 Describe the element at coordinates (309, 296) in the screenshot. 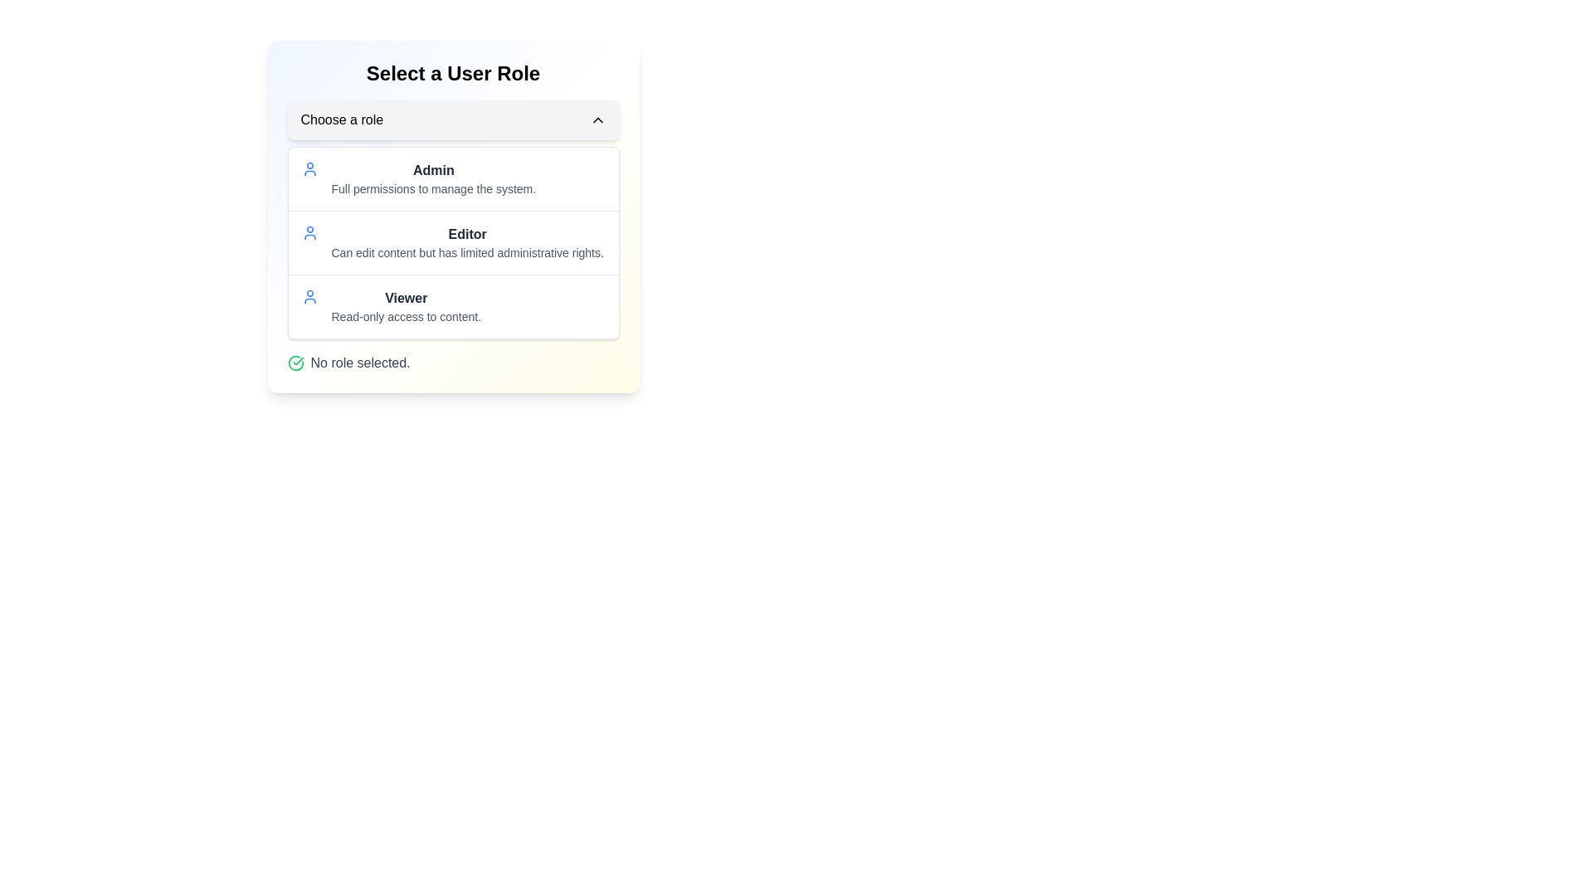

I see `user silhouette icon located to the left of the 'Viewer' text in the 'Select a User Role' section` at that location.